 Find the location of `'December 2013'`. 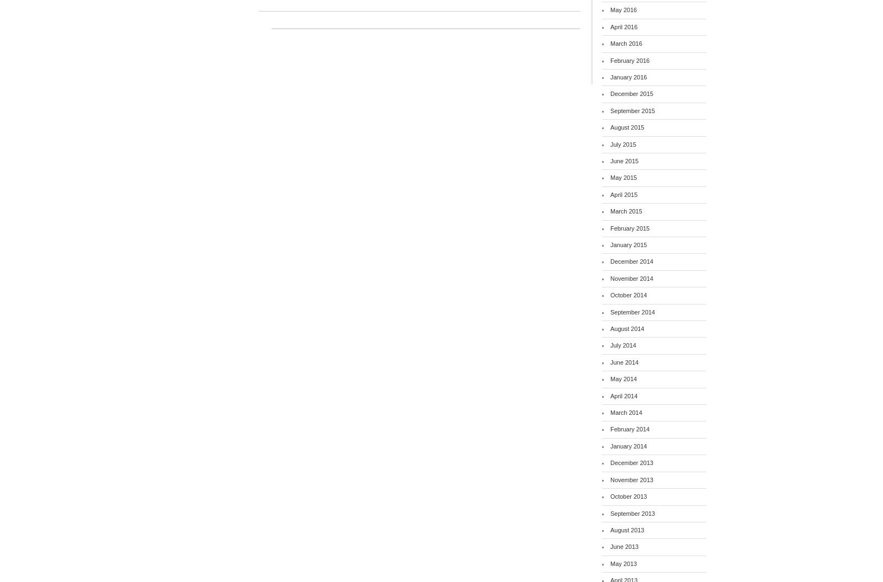

'December 2013' is located at coordinates (631, 463).